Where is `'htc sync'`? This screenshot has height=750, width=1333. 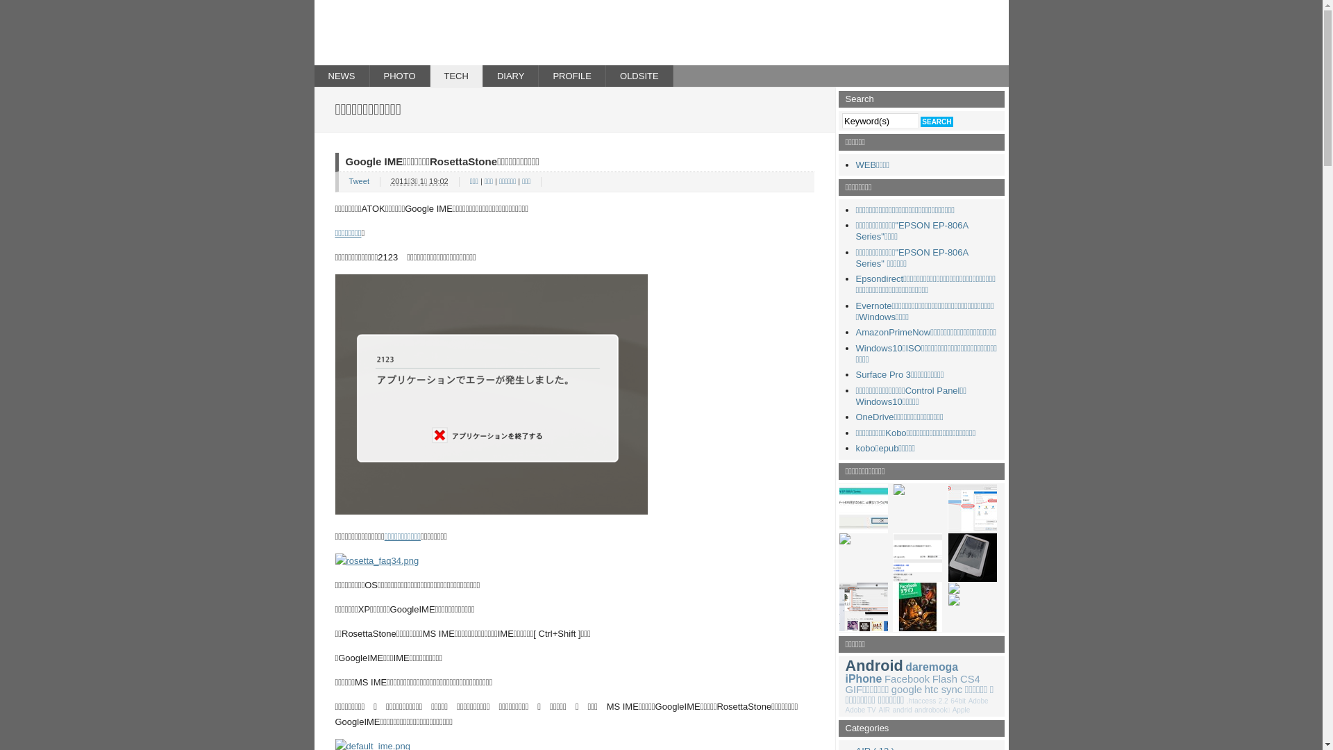
'htc sync' is located at coordinates (943, 689).